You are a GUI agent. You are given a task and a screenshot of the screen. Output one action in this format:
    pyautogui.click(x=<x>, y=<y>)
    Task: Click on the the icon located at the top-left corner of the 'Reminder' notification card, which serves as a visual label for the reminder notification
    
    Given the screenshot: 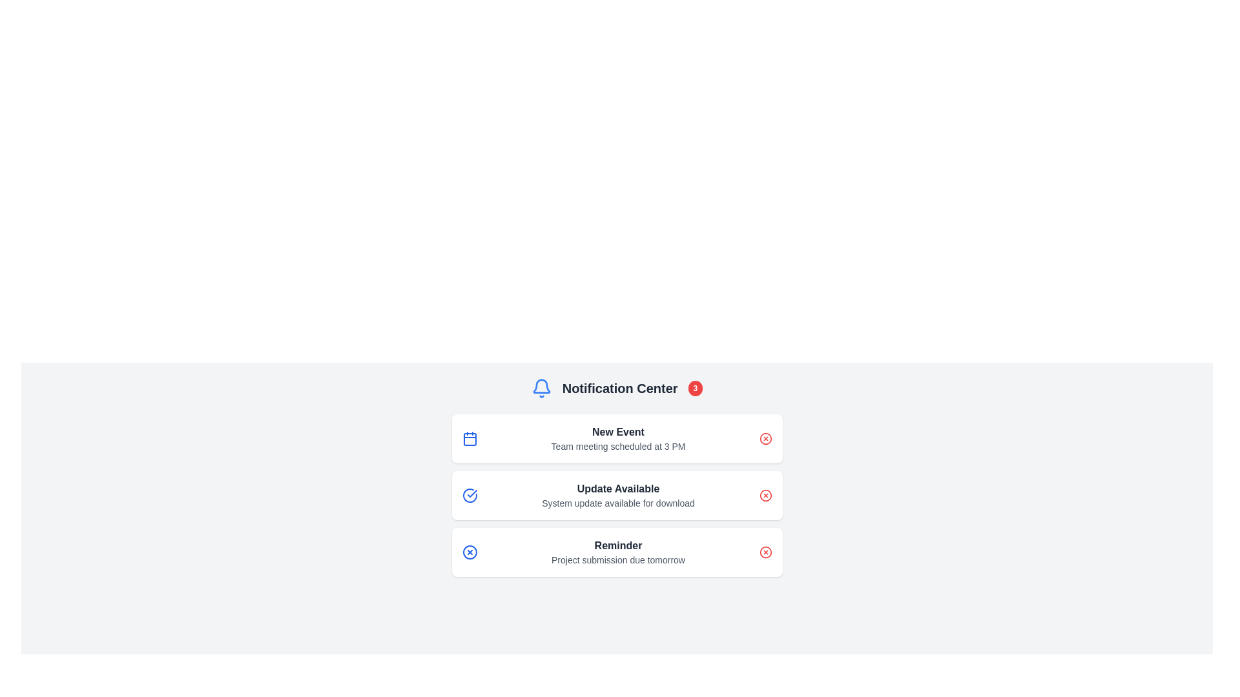 What is the action you would take?
    pyautogui.click(x=469, y=552)
    